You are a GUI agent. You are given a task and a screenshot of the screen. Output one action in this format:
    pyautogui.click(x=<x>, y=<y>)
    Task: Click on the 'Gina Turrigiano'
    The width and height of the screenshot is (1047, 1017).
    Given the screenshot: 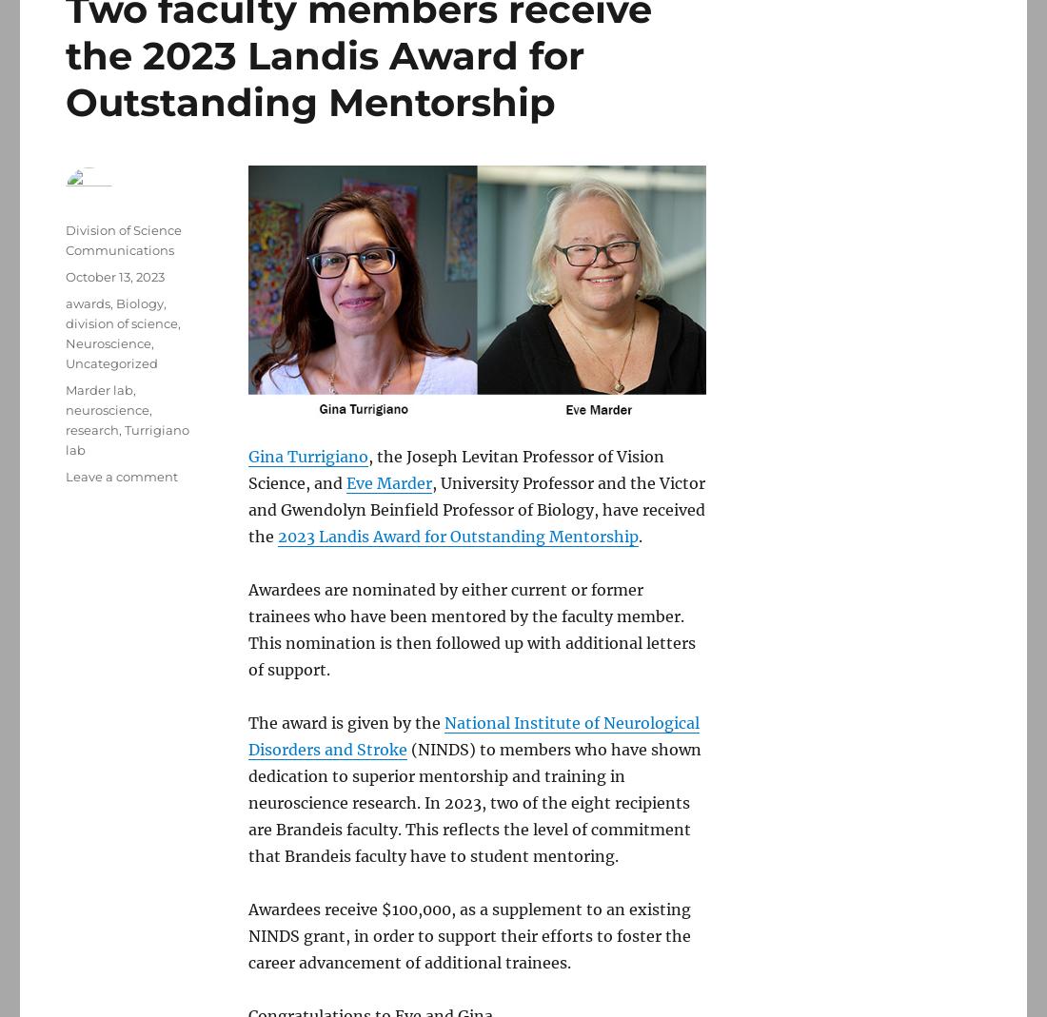 What is the action you would take?
    pyautogui.click(x=306, y=455)
    